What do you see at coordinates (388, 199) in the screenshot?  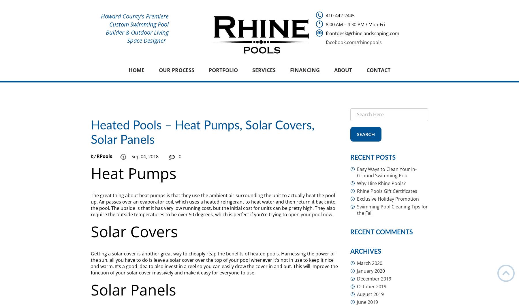 I see `'Exclusive Holiday Promotion'` at bounding box center [388, 199].